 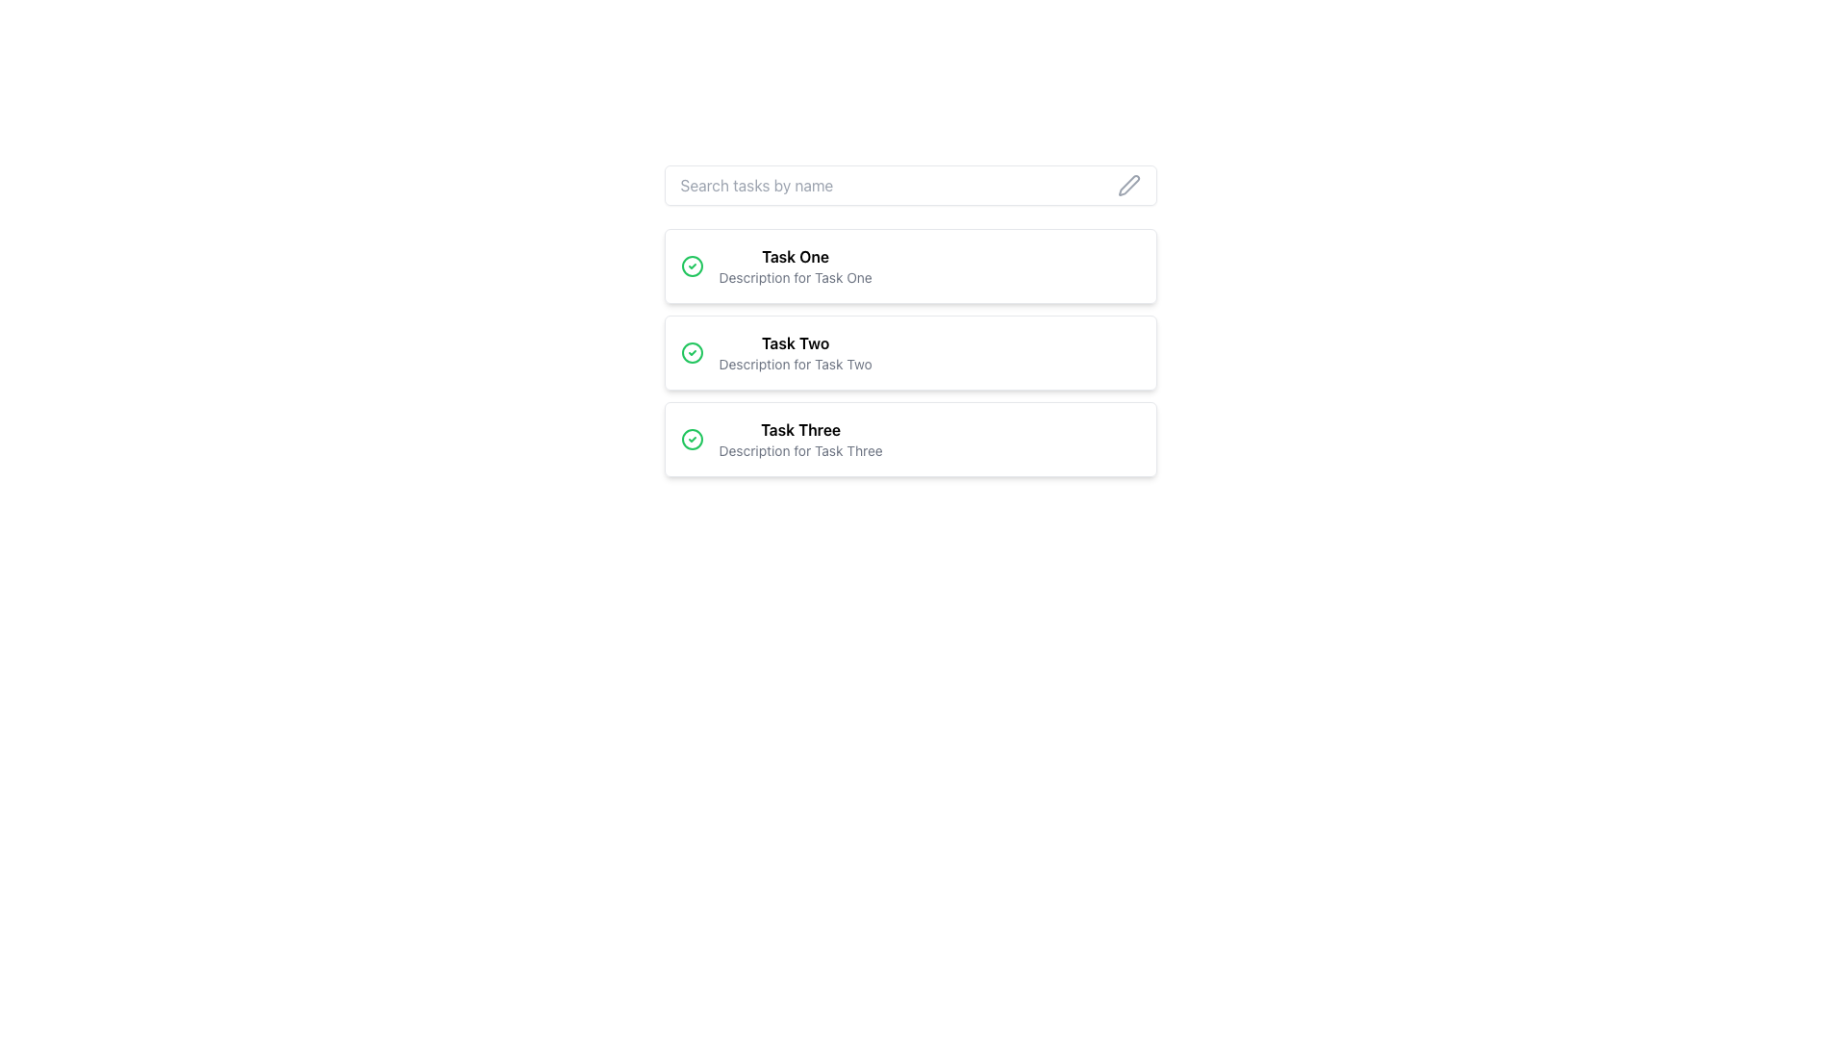 I want to click on the text element providing a detailed description for 'Task Two', located immediately below the text 'Task Two' in the second task item of a vertically aligned list of tasks, so click(x=796, y=364).